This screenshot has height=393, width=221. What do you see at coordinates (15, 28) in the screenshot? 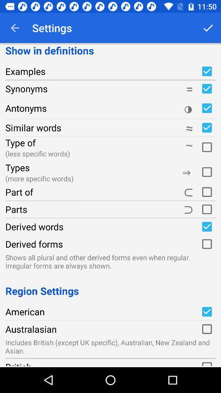
I see `the app next to the settings icon` at bounding box center [15, 28].